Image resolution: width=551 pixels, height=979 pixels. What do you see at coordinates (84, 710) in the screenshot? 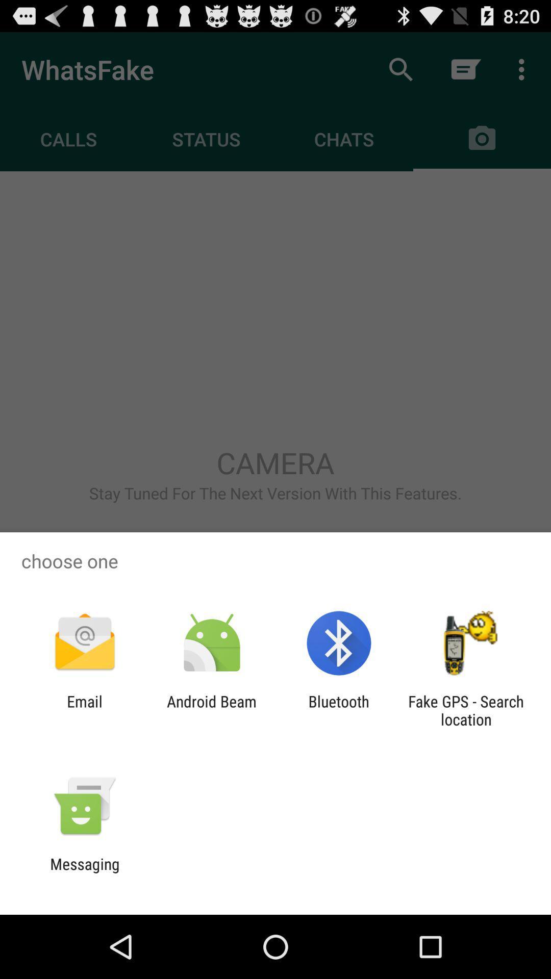
I see `the email app` at bounding box center [84, 710].